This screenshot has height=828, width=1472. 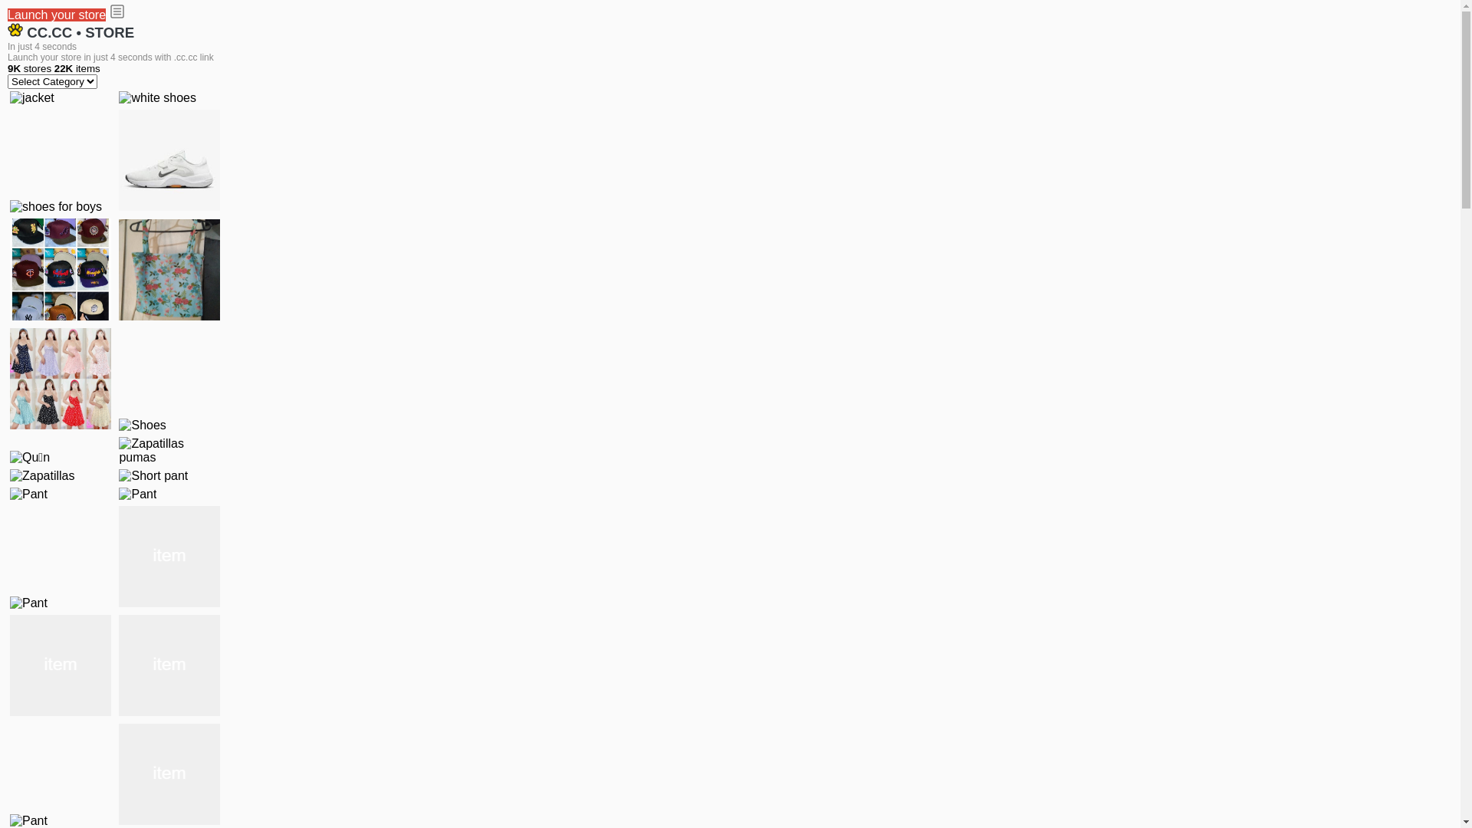 I want to click on 'Things we need', so click(x=60, y=268).